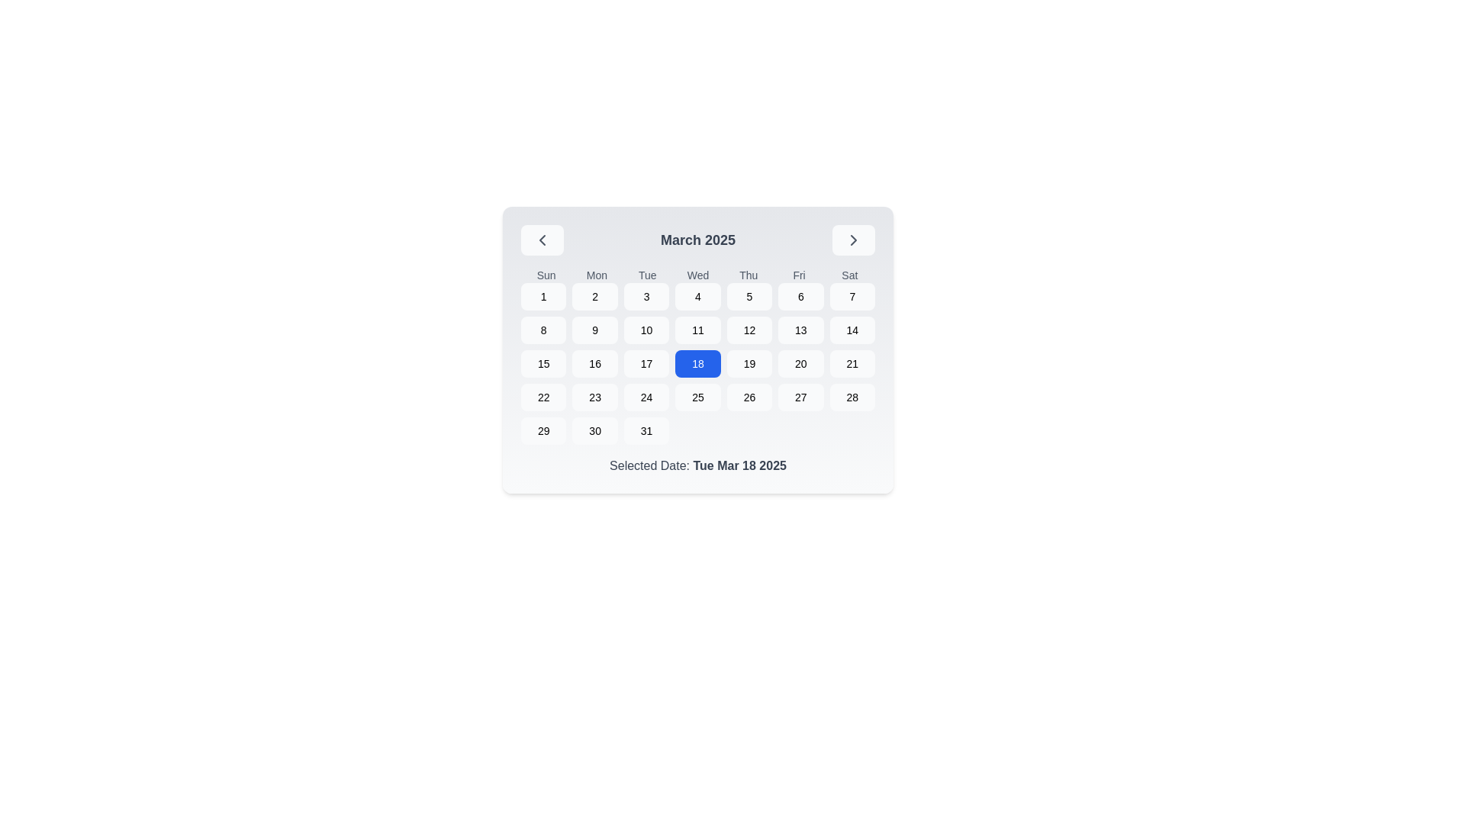 The image size is (1465, 824). Describe the element at coordinates (543, 430) in the screenshot. I see `the button representing day 29 in the calendar grid, located in the last row and first column, adjacent to days 28 and 30` at that location.